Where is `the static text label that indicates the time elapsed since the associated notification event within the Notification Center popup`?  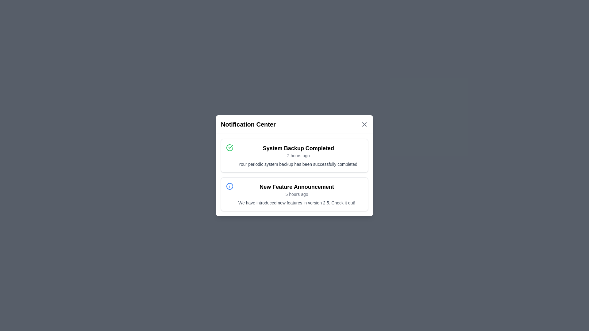
the static text label that indicates the time elapsed since the associated notification event within the Notification Center popup is located at coordinates (297, 194).